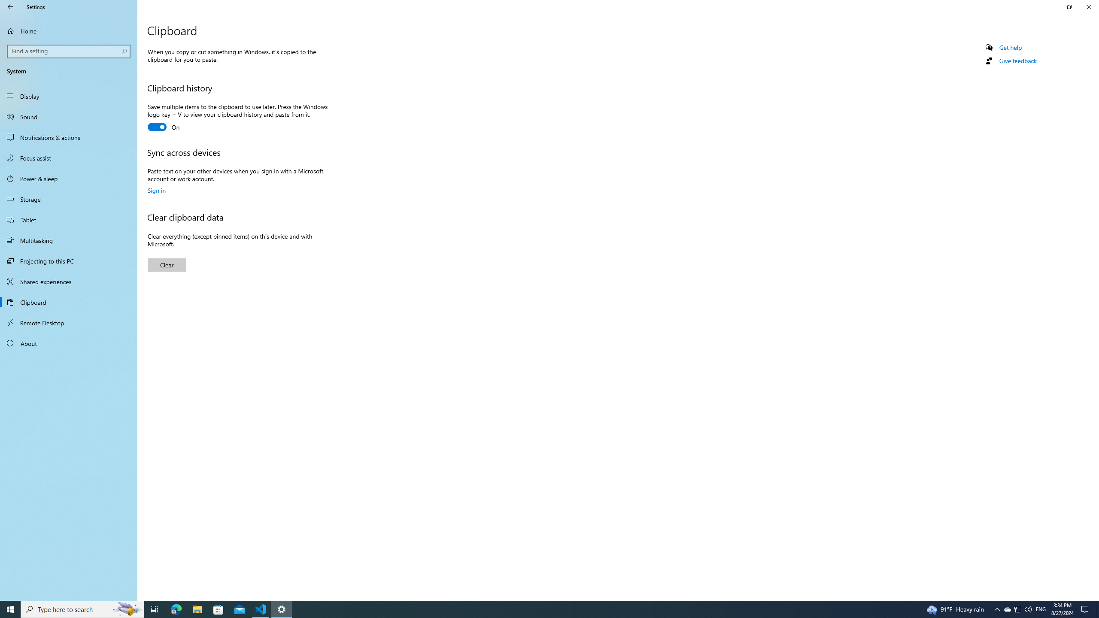 The height and width of the screenshot is (618, 1099). I want to click on 'Home', so click(68, 31).